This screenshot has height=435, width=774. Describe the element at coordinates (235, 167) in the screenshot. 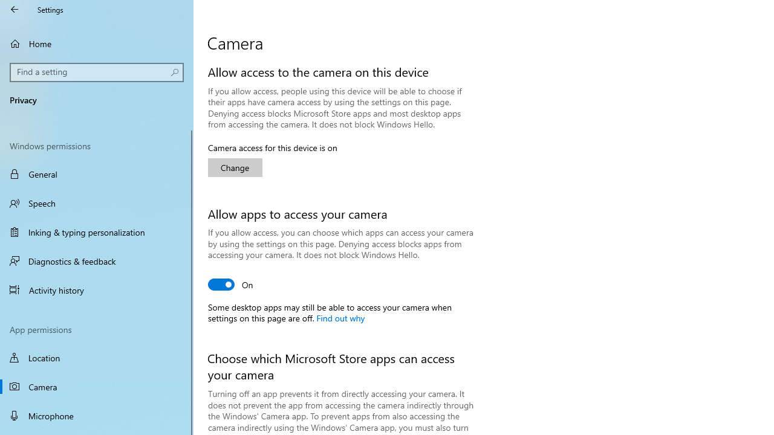

I see `'Change'` at that location.